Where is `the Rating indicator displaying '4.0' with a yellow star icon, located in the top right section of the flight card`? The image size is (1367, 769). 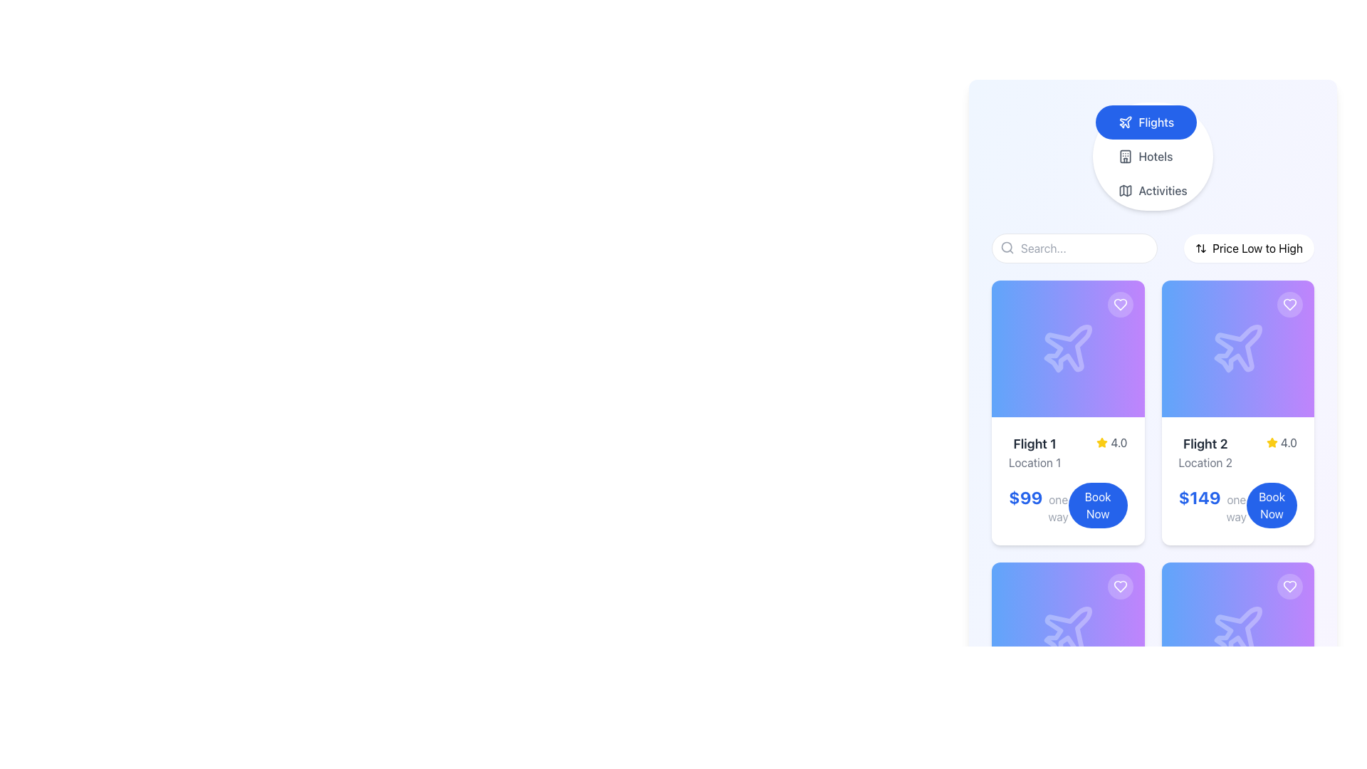 the Rating indicator displaying '4.0' with a yellow star icon, located in the top right section of the flight card is located at coordinates (1111, 441).